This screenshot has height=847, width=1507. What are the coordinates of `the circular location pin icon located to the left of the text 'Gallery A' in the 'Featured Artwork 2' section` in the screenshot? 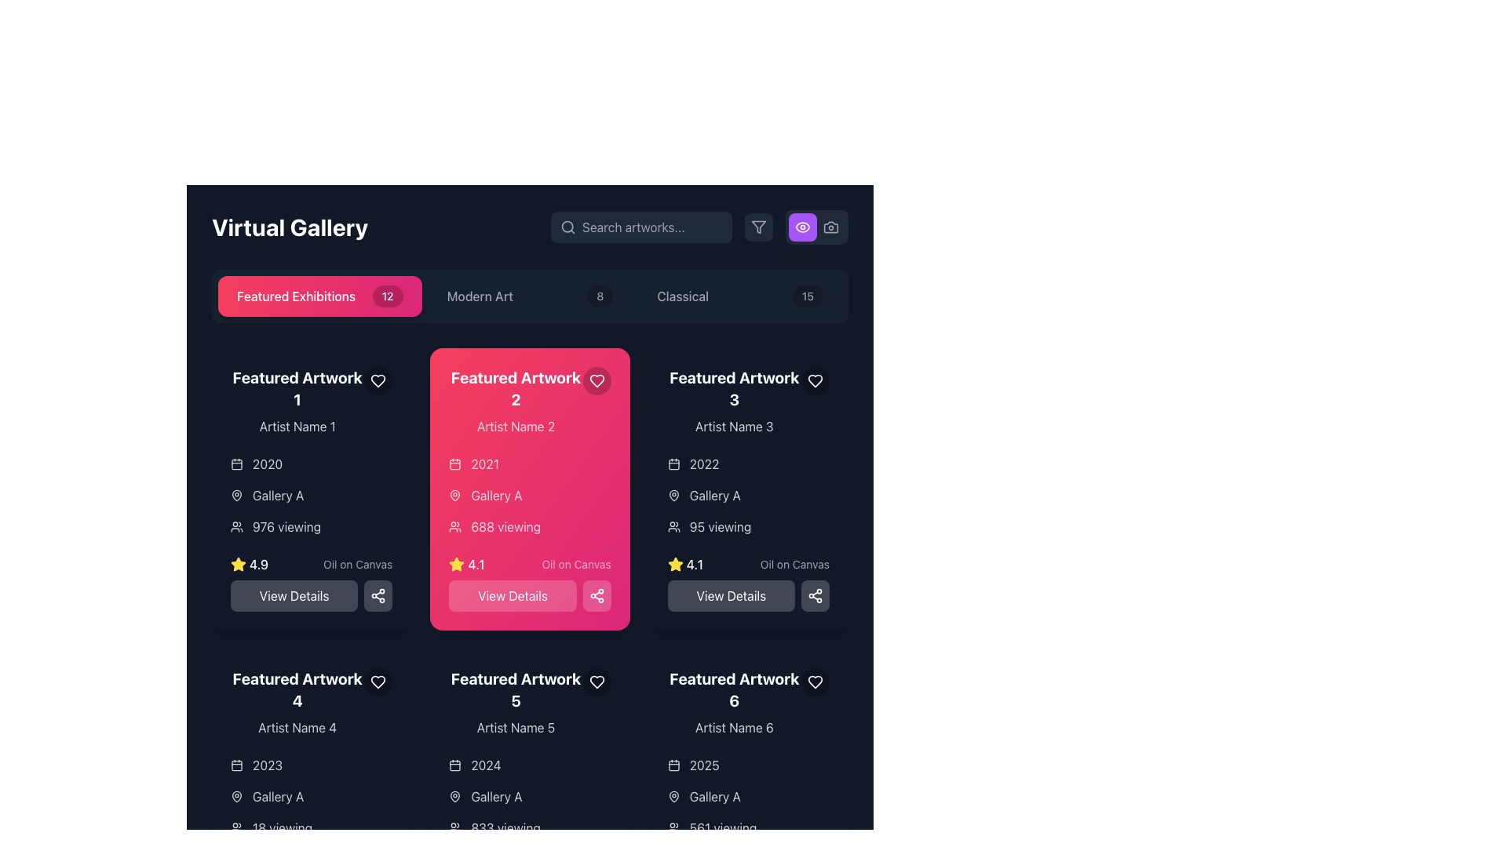 It's located at (673, 496).